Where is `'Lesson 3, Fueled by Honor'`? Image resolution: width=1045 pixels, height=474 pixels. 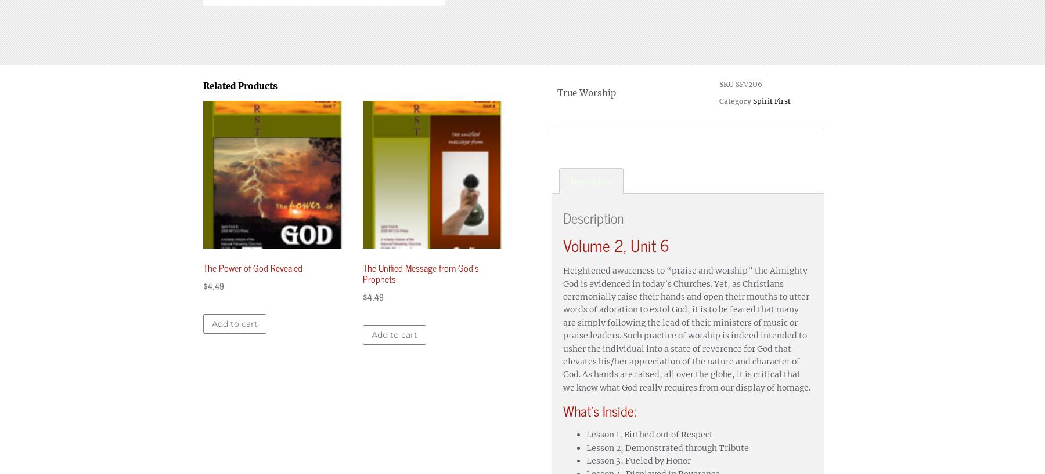 'Lesson 3, Fueled by Honor' is located at coordinates (638, 461).